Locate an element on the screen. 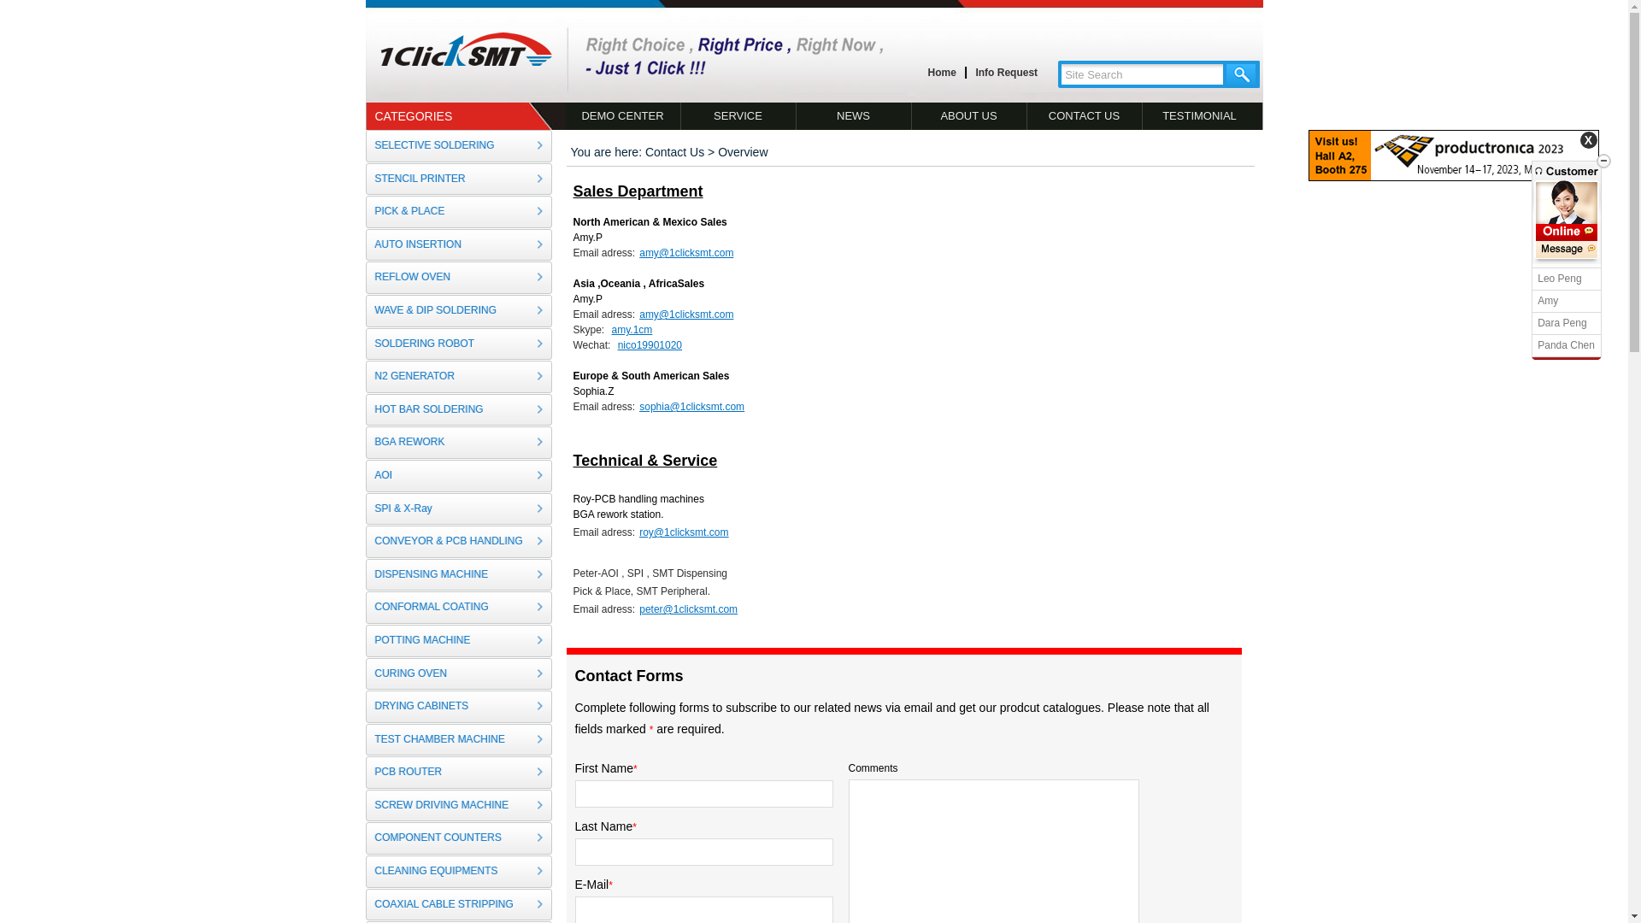 Image resolution: width=1641 pixels, height=923 pixels. 'productronica 2023' is located at coordinates (1452, 178).